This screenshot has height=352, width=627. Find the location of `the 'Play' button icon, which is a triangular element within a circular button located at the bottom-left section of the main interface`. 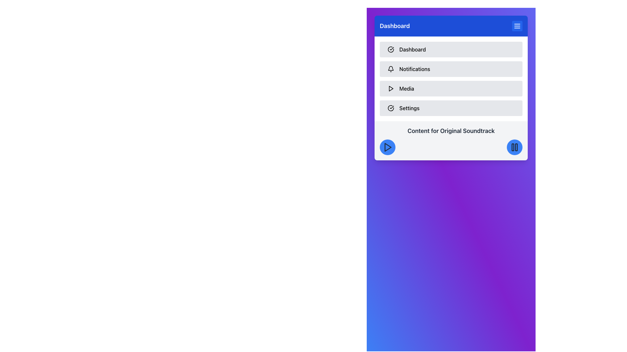

the 'Play' button icon, which is a triangular element within a circular button located at the bottom-left section of the main interface is located at coordinates (388, 147).